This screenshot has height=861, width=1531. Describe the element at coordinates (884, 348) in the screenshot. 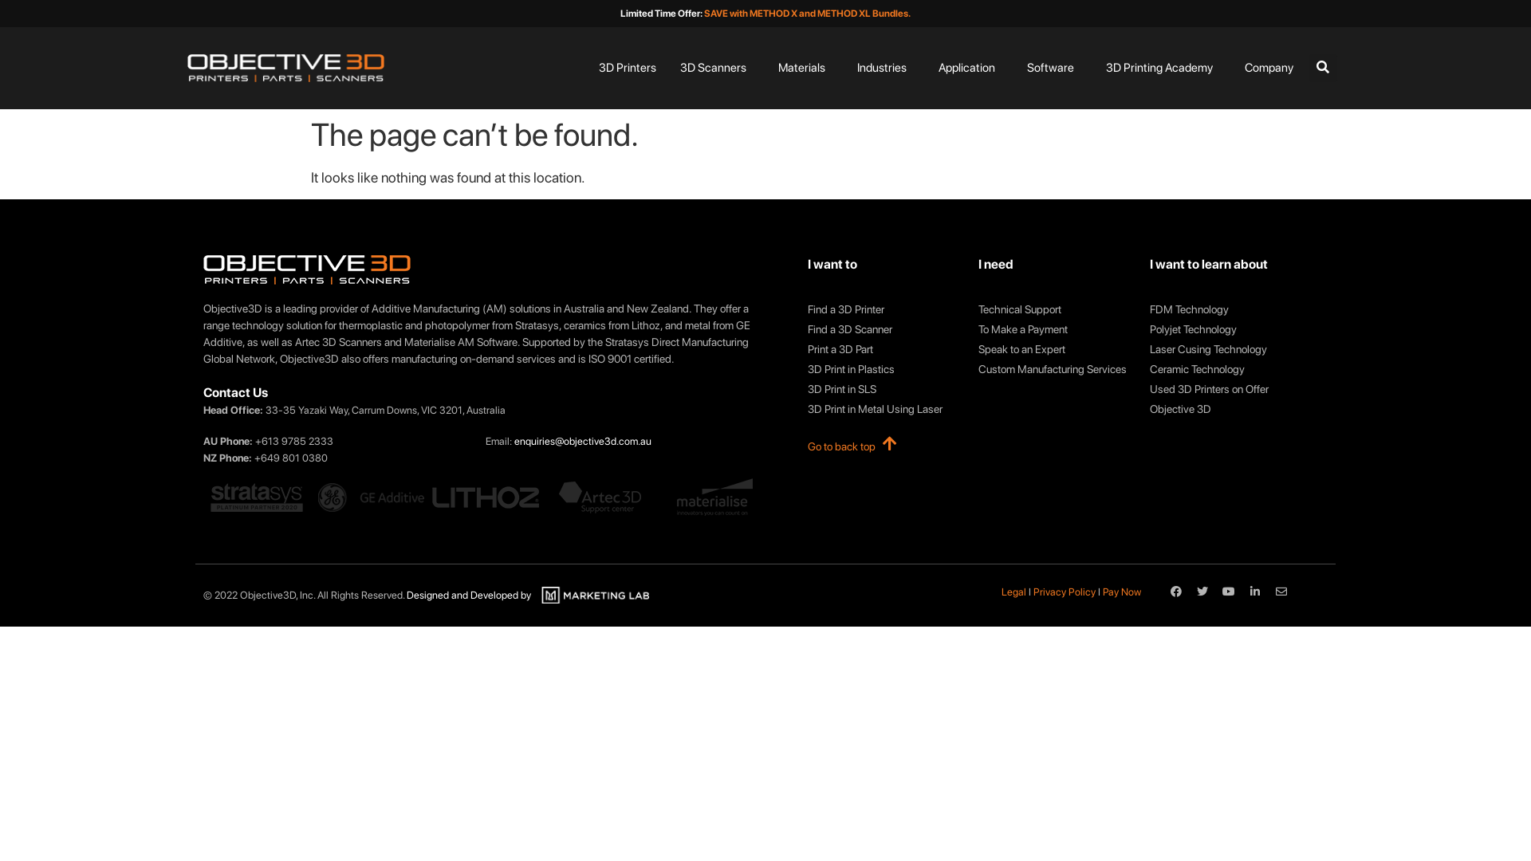

I see `'Print a 3D Part'` at that location.